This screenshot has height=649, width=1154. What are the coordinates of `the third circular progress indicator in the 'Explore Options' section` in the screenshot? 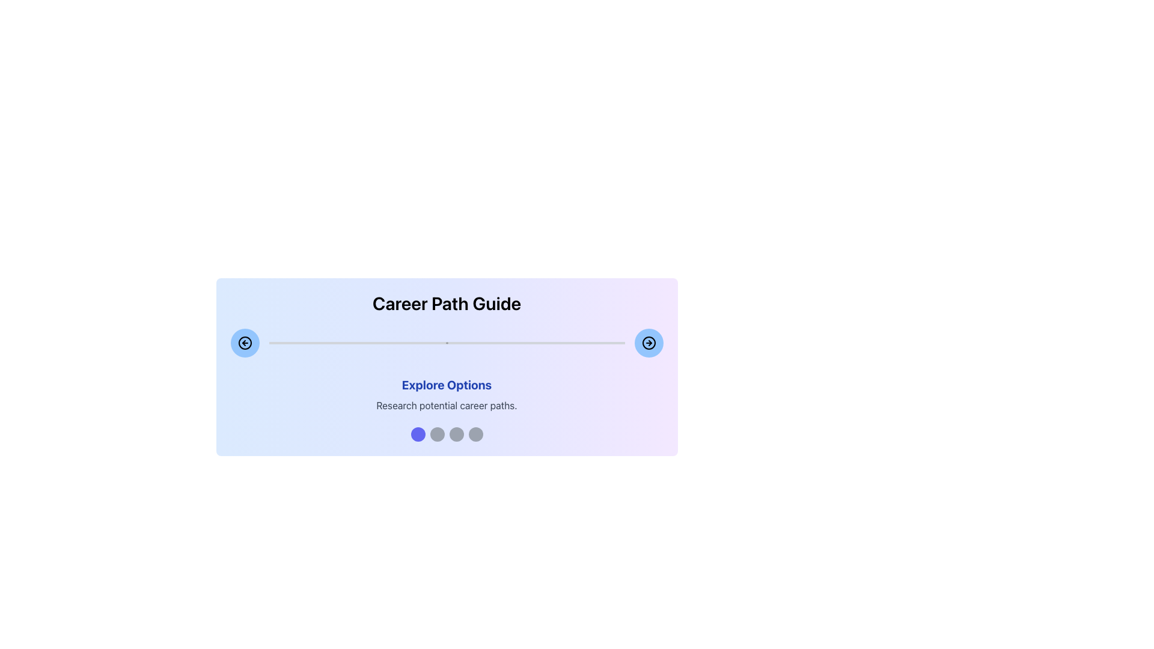 It's located at (456, 434).